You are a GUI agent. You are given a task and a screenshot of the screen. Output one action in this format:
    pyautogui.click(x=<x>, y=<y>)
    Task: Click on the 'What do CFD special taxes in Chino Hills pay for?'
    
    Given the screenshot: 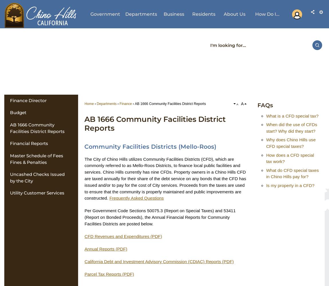 What is the action you would take?
    pyautogui.click(x=292, y=173)
    